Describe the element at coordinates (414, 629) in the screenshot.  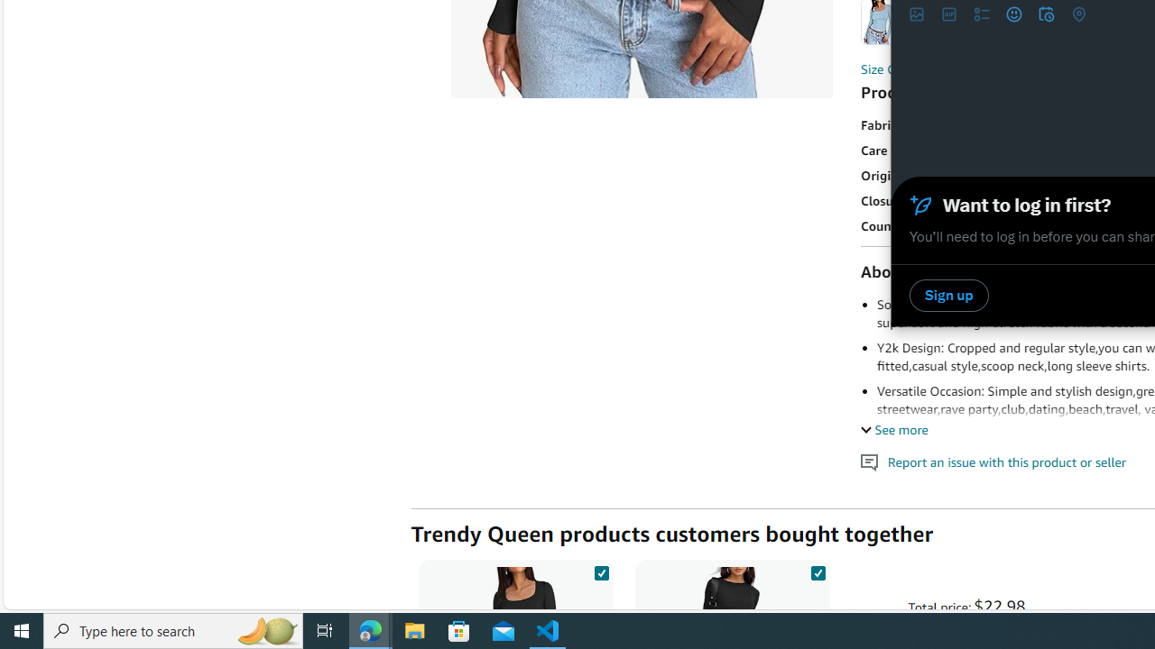
I see `'File Explorer'` at that location.